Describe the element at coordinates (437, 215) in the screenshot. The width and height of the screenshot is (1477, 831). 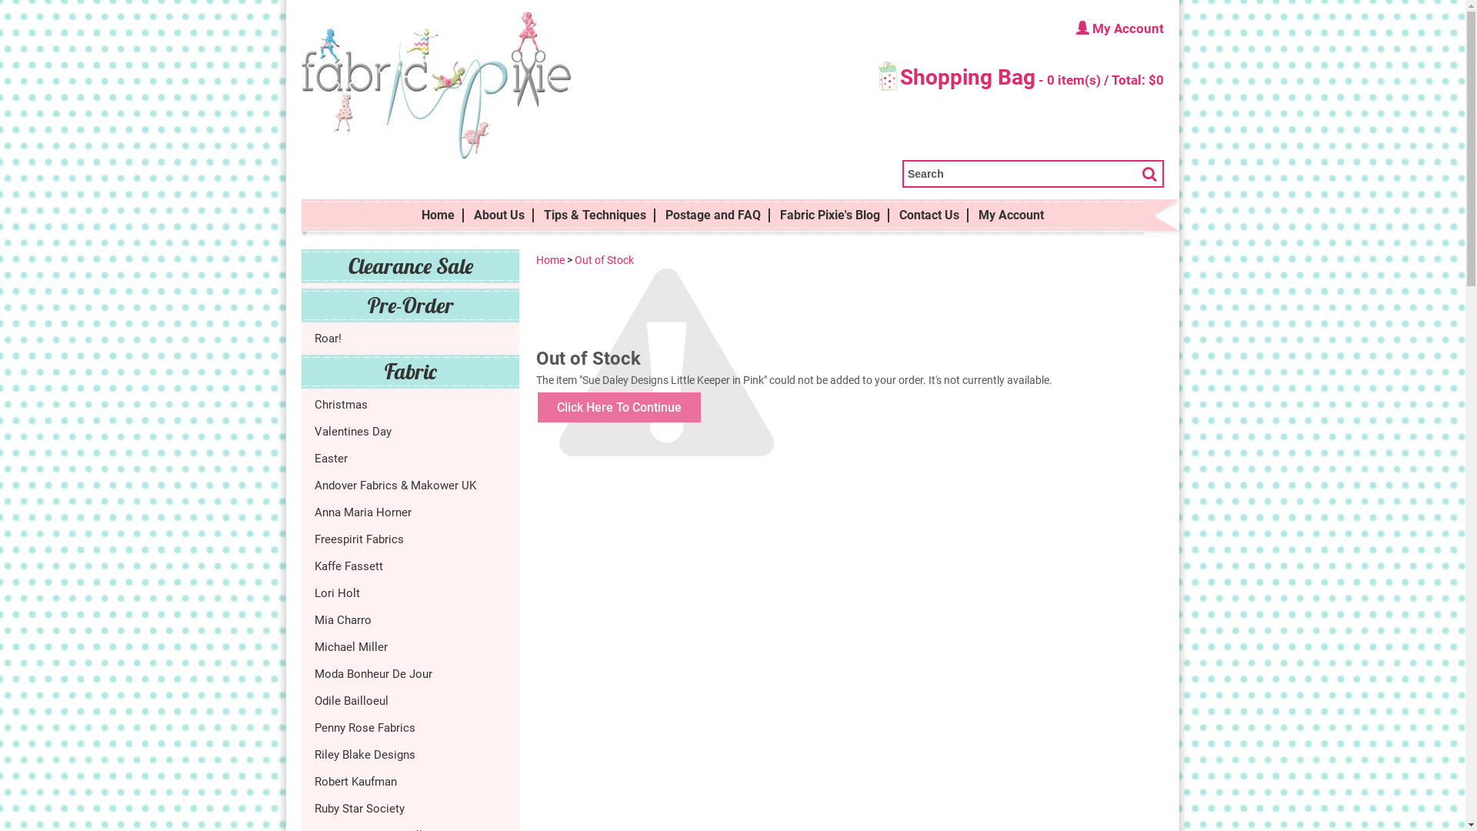
I see `'Home'` at that location.